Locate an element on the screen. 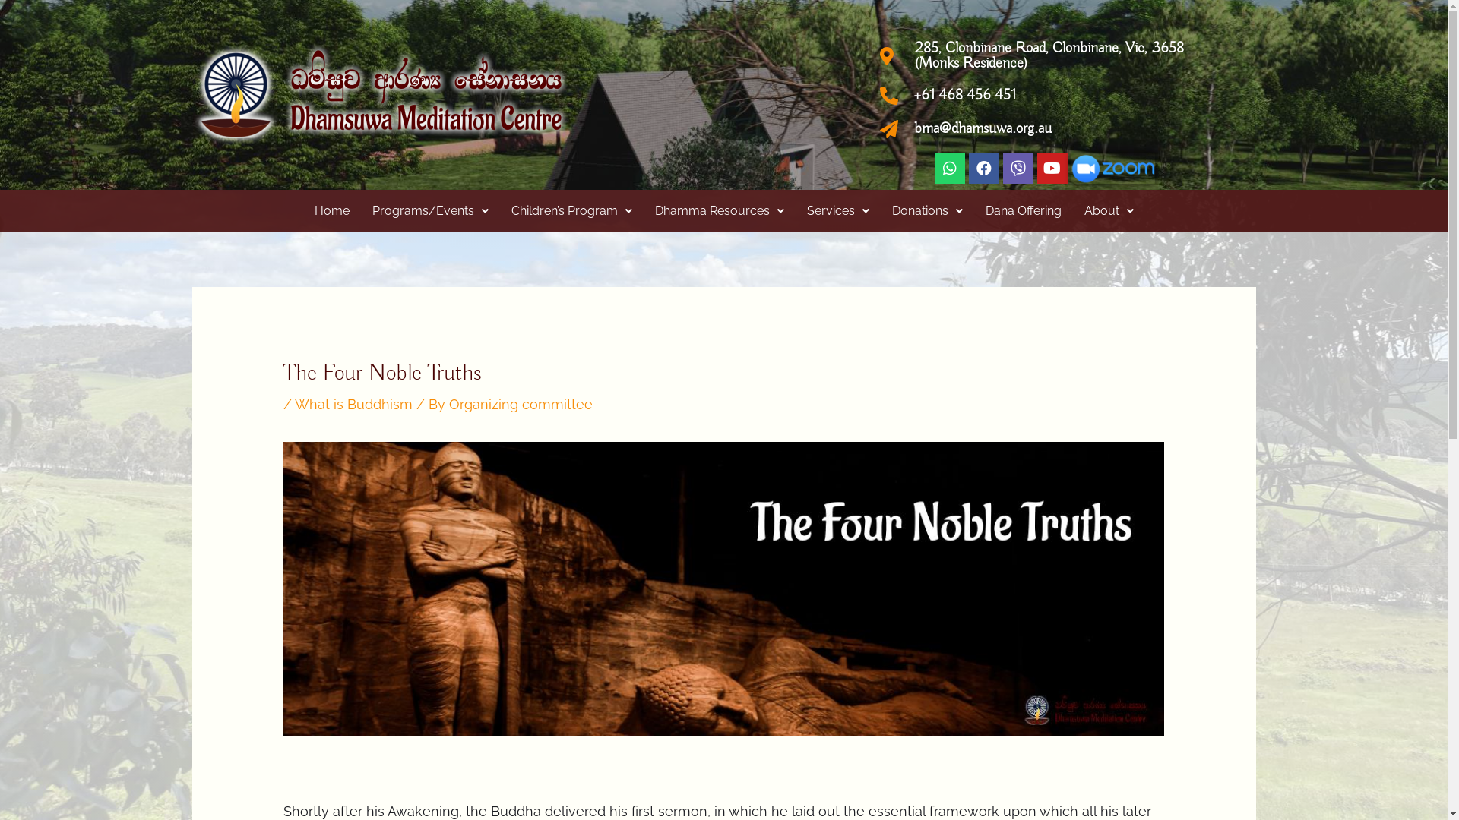 This screenshot has height=820, width=1459. 'Dhamma Resources' is located at coordinates (717, 210).